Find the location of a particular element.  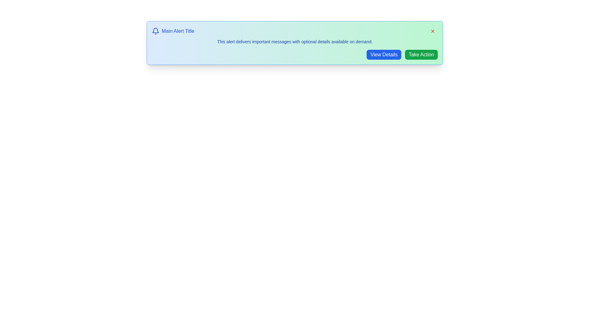

the close button to observe its hover effect is located at coordinates (432, 31).